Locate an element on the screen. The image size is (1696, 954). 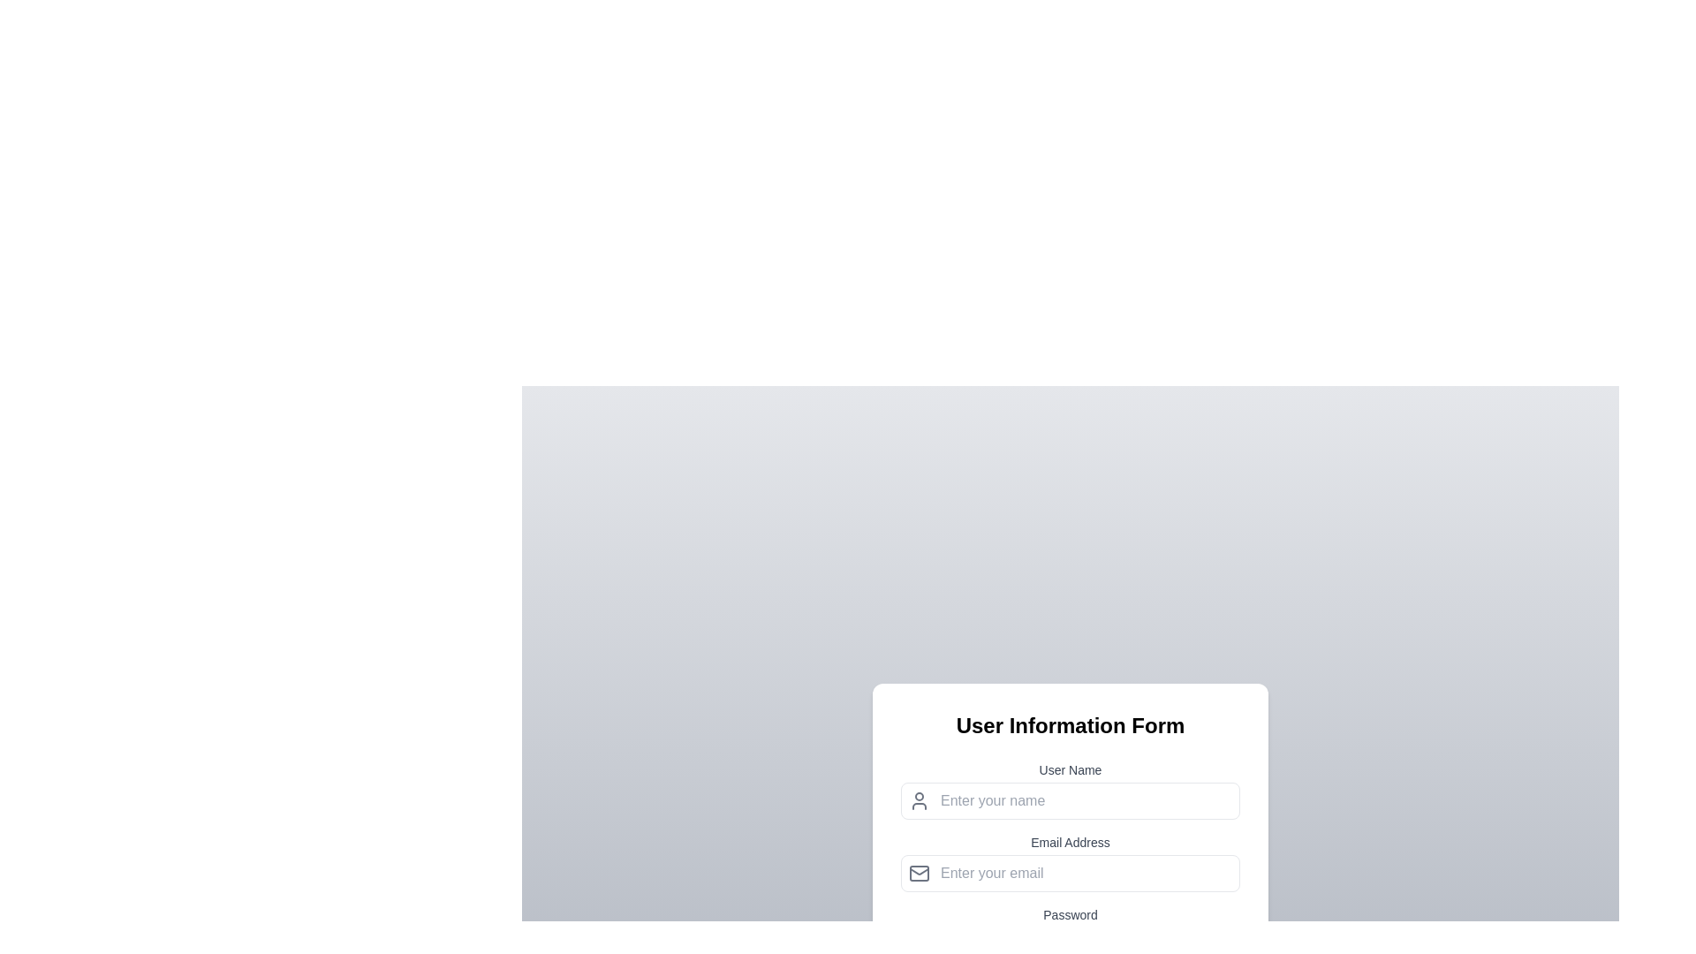
the mail envelope icon with a gray outline, positioned to the left of the 'Enter your email' input field in the 'Email Address' section is located at coordinates (919, 872).